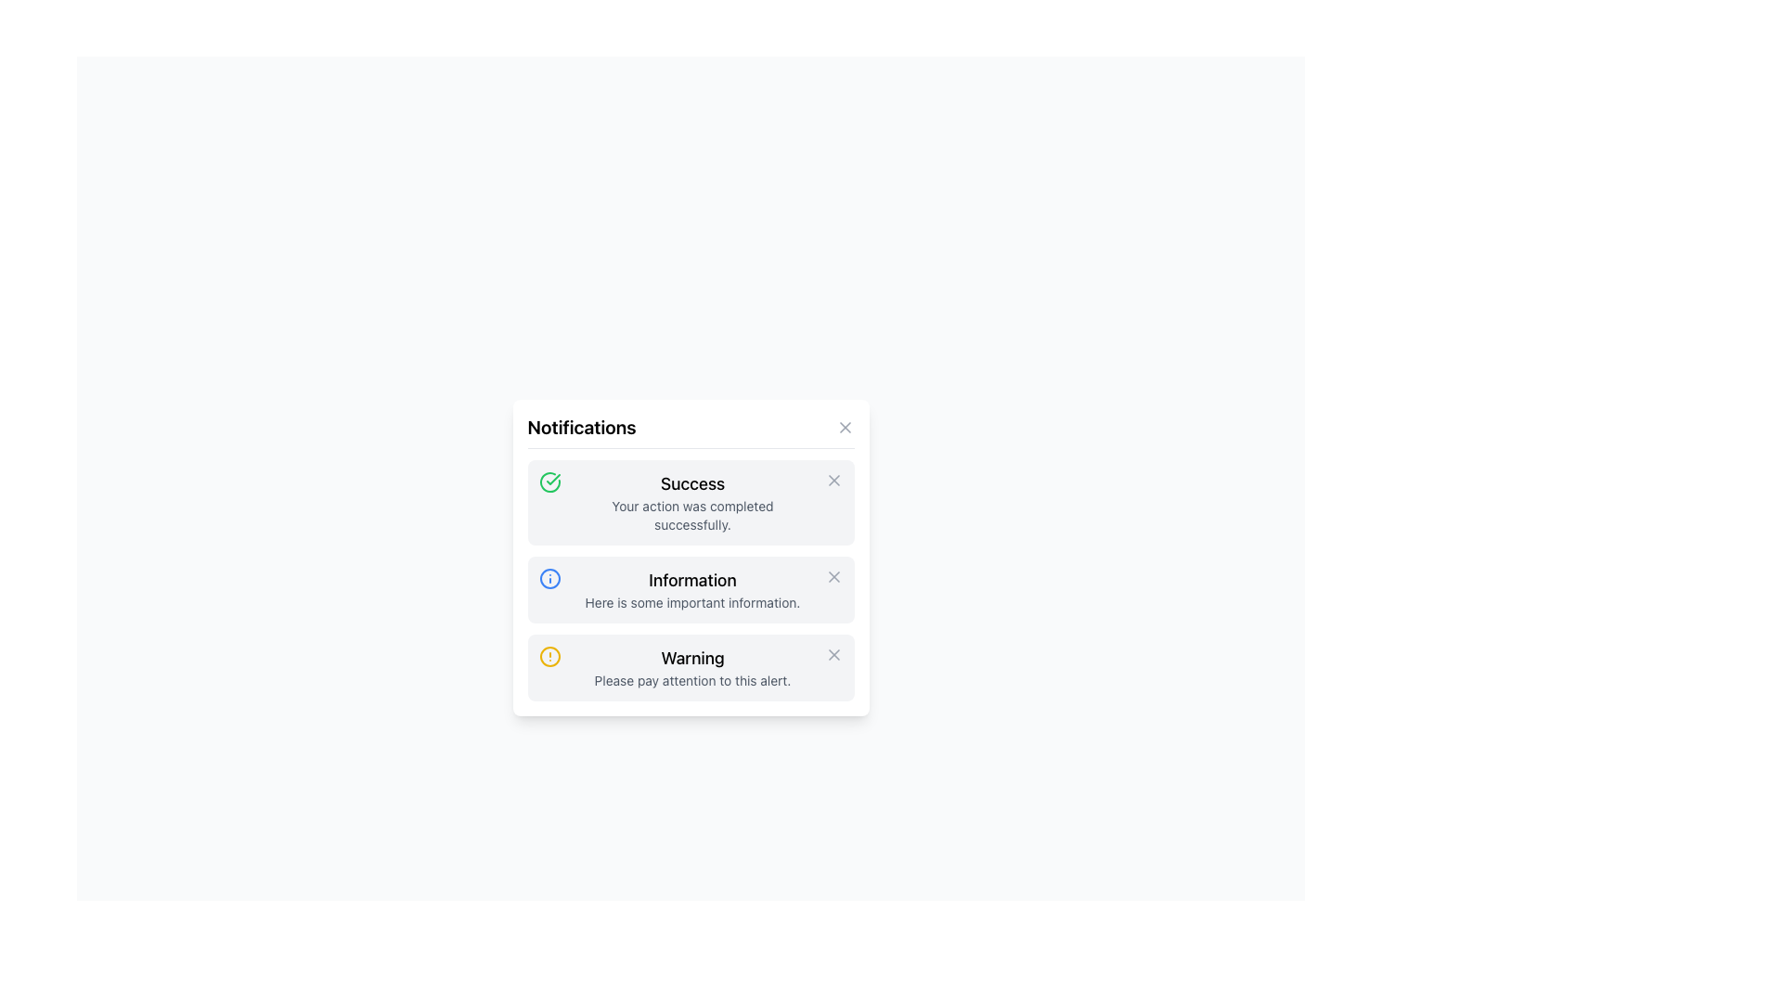  I want to click on the success status text label located in the first notification card of the 'Notifications' list, which is positioned to the right of a green checkmark icon, so click(691, 482).